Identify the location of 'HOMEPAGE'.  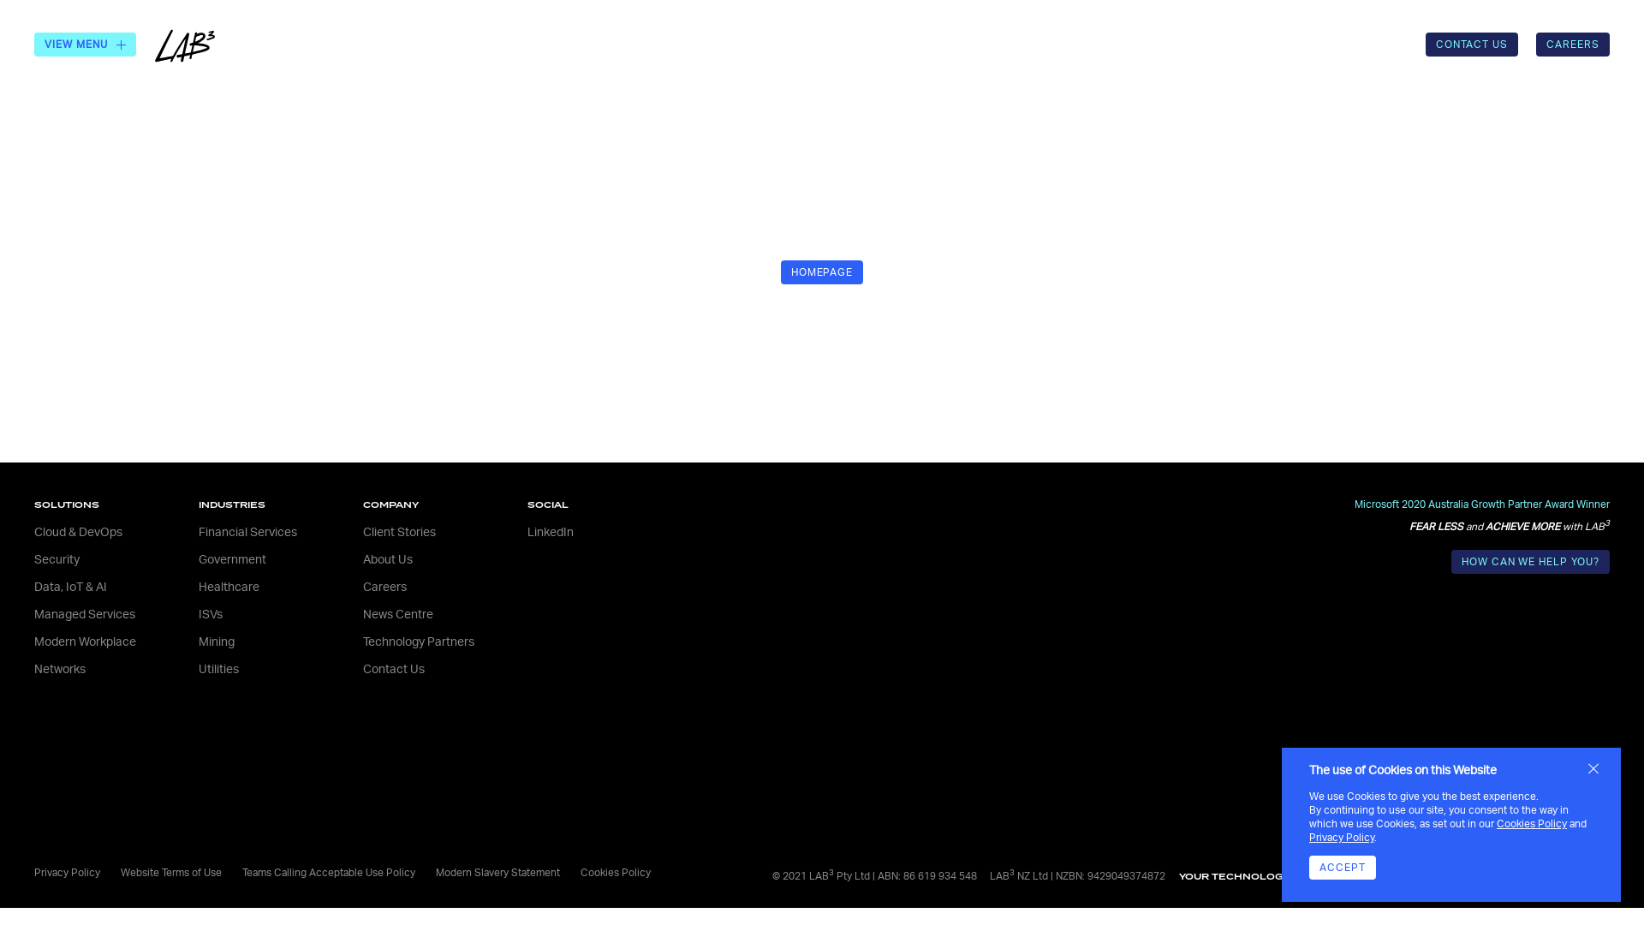
(822, 271).